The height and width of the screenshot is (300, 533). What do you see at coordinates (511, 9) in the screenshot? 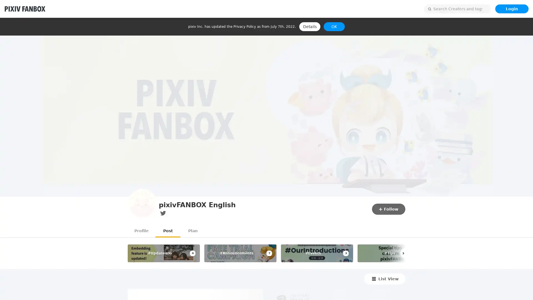
I see `Login` at bounding box center [511, 9].